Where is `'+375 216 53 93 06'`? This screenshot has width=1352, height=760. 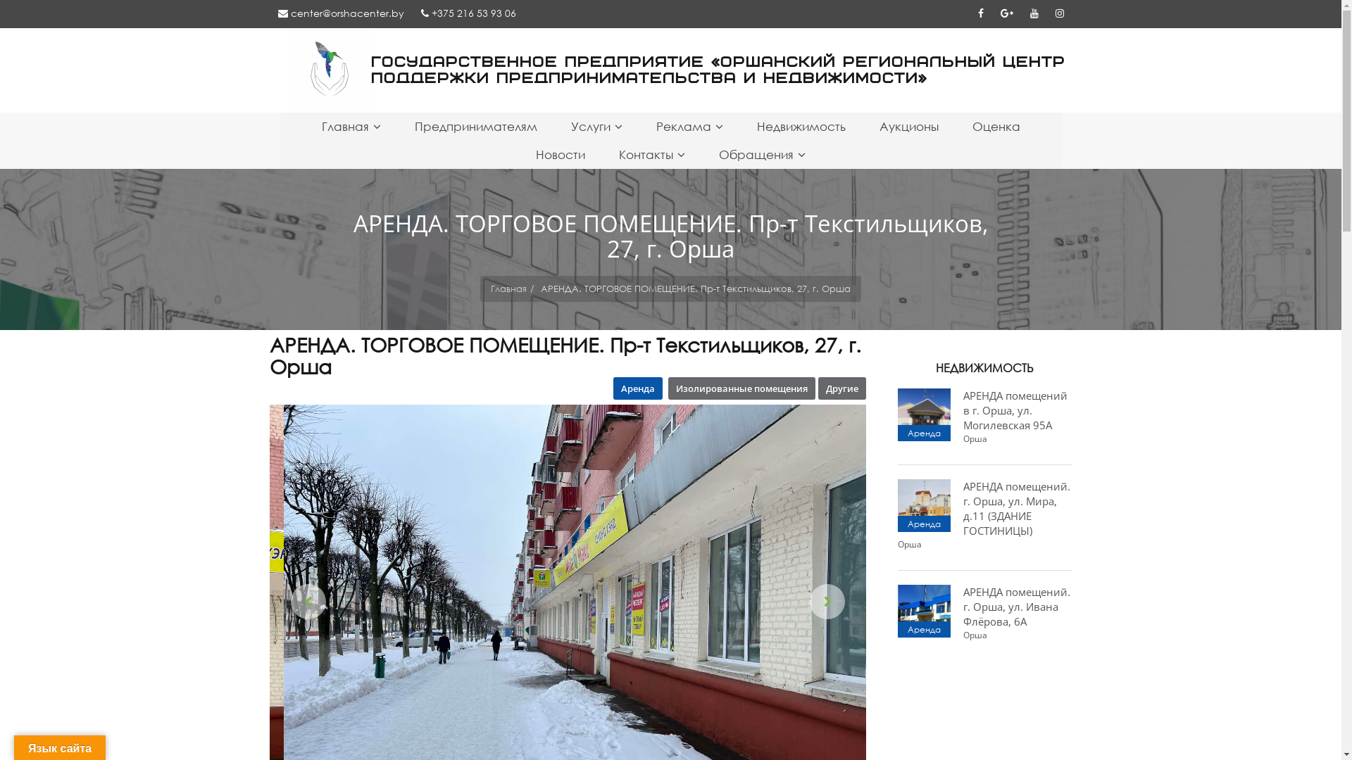 '+375 216 53 93 06' is located at coordinates (468, 13).